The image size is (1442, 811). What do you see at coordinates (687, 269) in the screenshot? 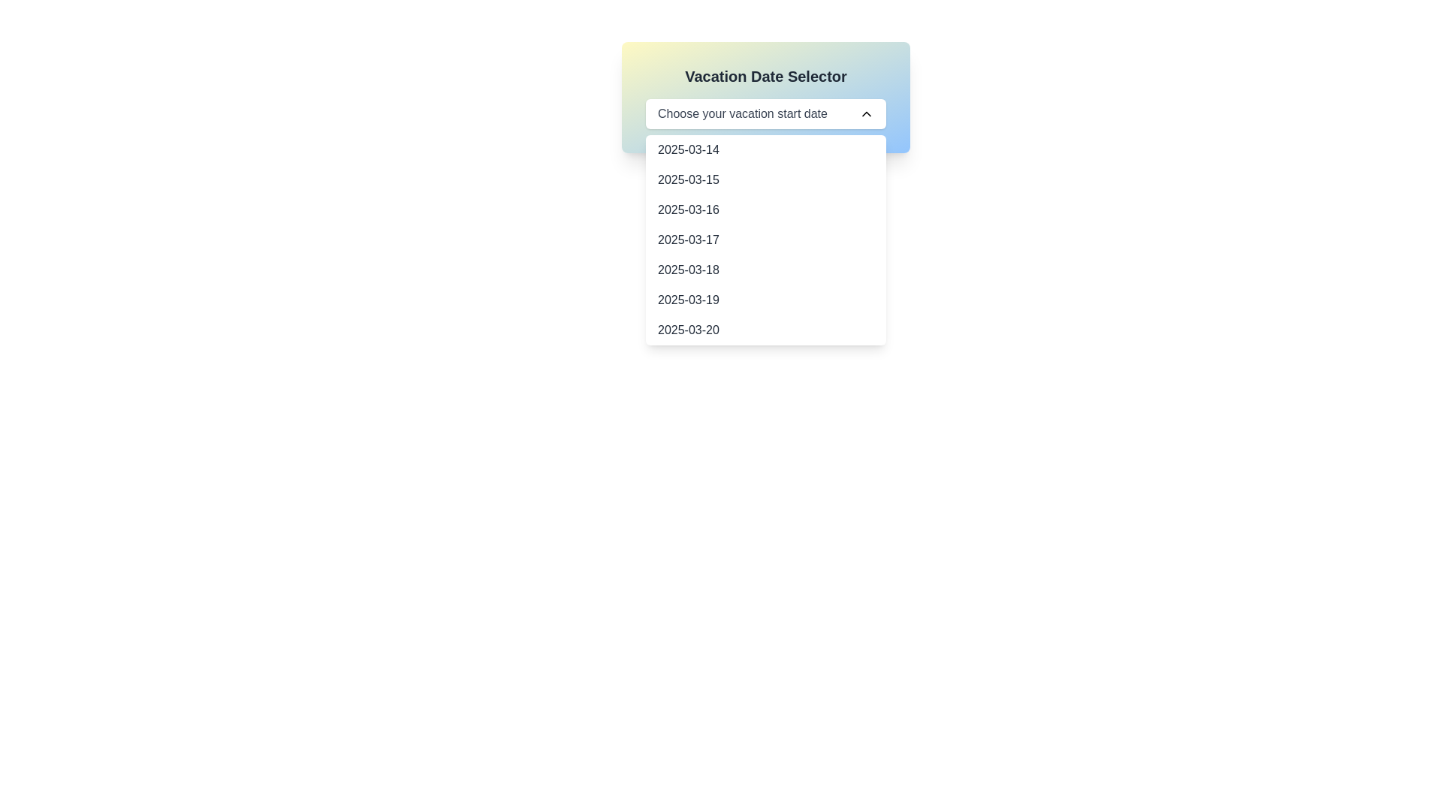
I see `the fifth option in the dropdown list labeled 'Vacation Date Selector'` at bounding box center [687, 269].